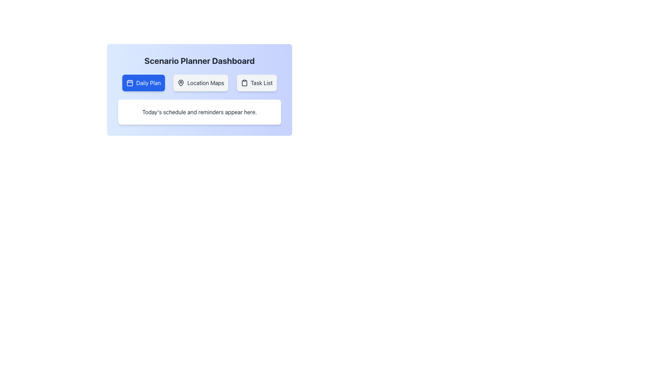 Image resolution: width=667 pixels, height=375 pixels. I want to click on the 'Task List' button represented by a clipboard icon in the navigation bar, so click(244, 83).